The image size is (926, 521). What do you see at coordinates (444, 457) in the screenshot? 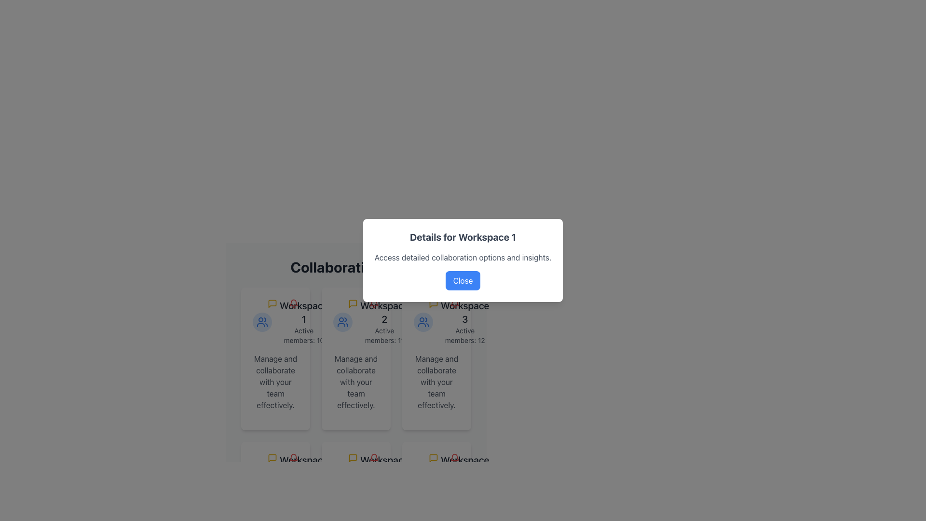
I see `the notification icon button, which is a red bell icon located at the top-right corner of the workspace card` at bounding box center [444, 457].